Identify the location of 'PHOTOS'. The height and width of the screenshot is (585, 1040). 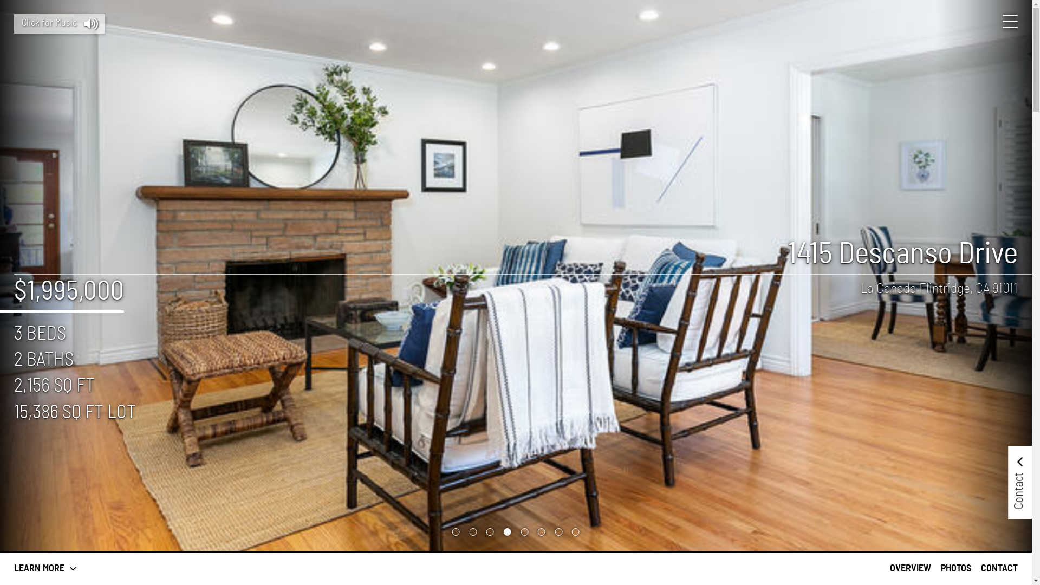
(940, 568).